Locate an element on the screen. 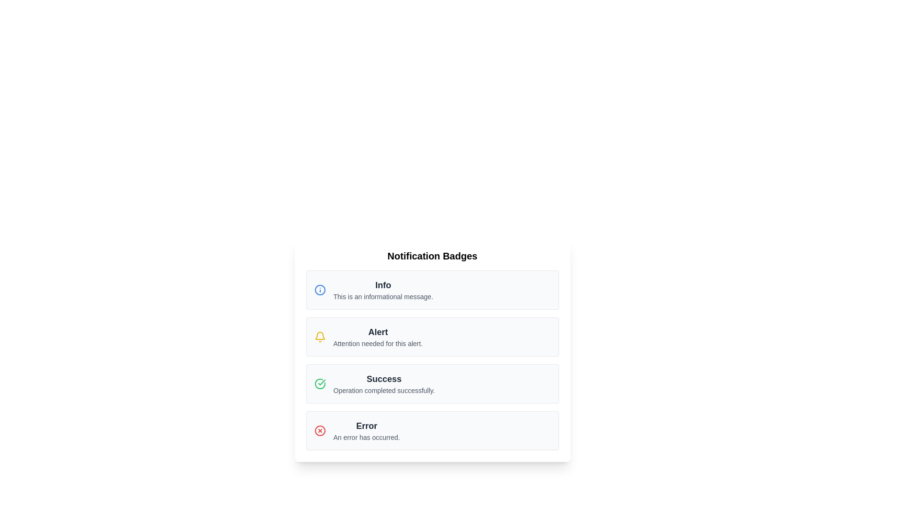  the 'Error' notification text block, which contains the bold text 'Error' and the subtitle 'An error has occurred.' to acknowledge the error is located at coordinates (366, 430).